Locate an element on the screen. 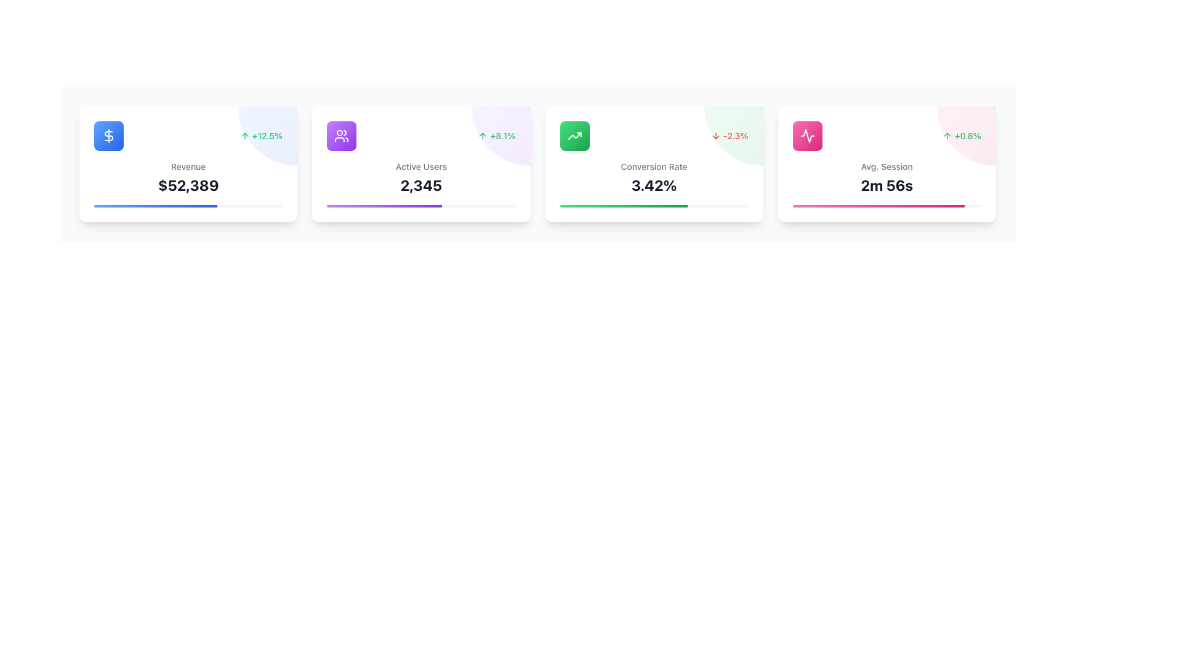 The height and width of the screenshot is (665, 1182). the positive trend icon located to the left of the text '+12.5%' in the top-right corner of the 'Revenue' card on the dashboard interface is located at coordinates (244, 135).